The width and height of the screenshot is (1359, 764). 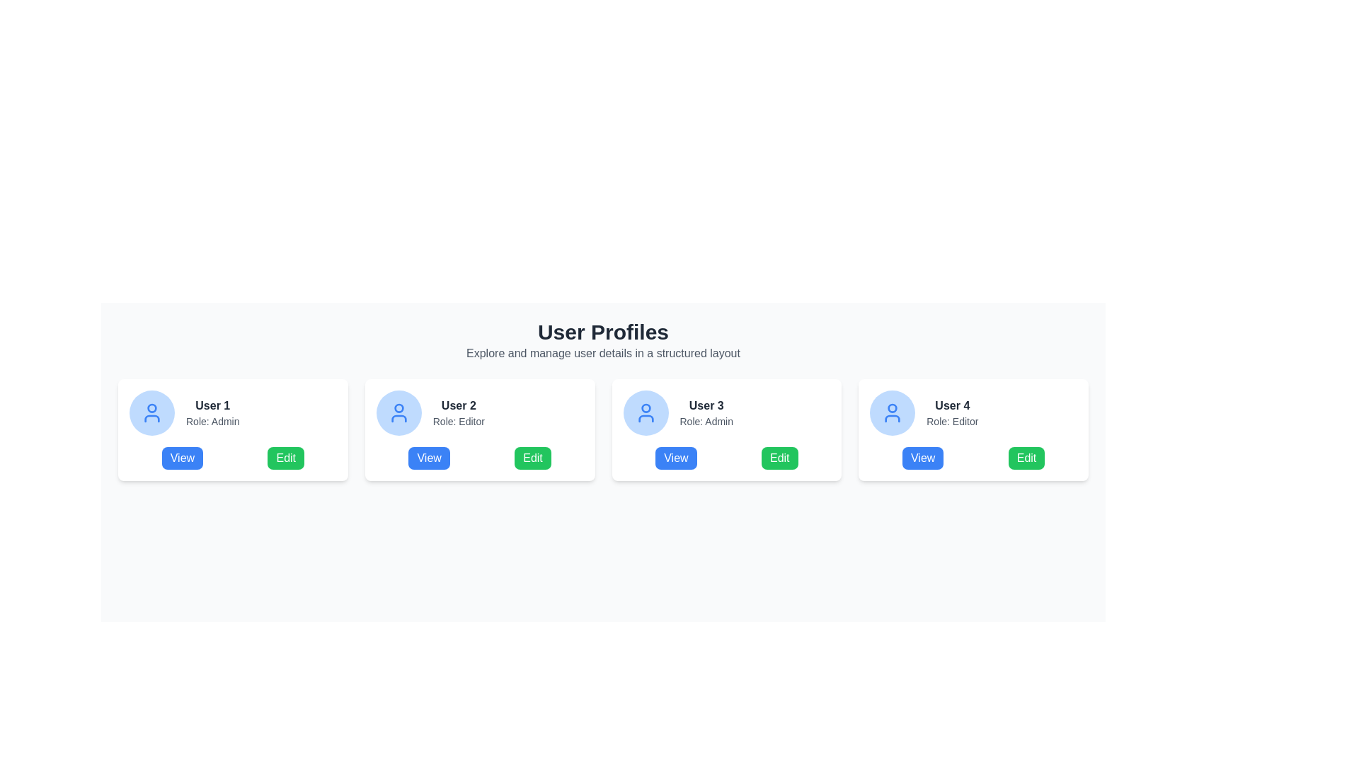 What do you see at coordinates (952, 421) in the screenshot?
I see `the text label that reads 'Role: Editor', which is styled in gray and positioned below 'User 4' in the fourth user profile card` at bounding box center [952, 421].